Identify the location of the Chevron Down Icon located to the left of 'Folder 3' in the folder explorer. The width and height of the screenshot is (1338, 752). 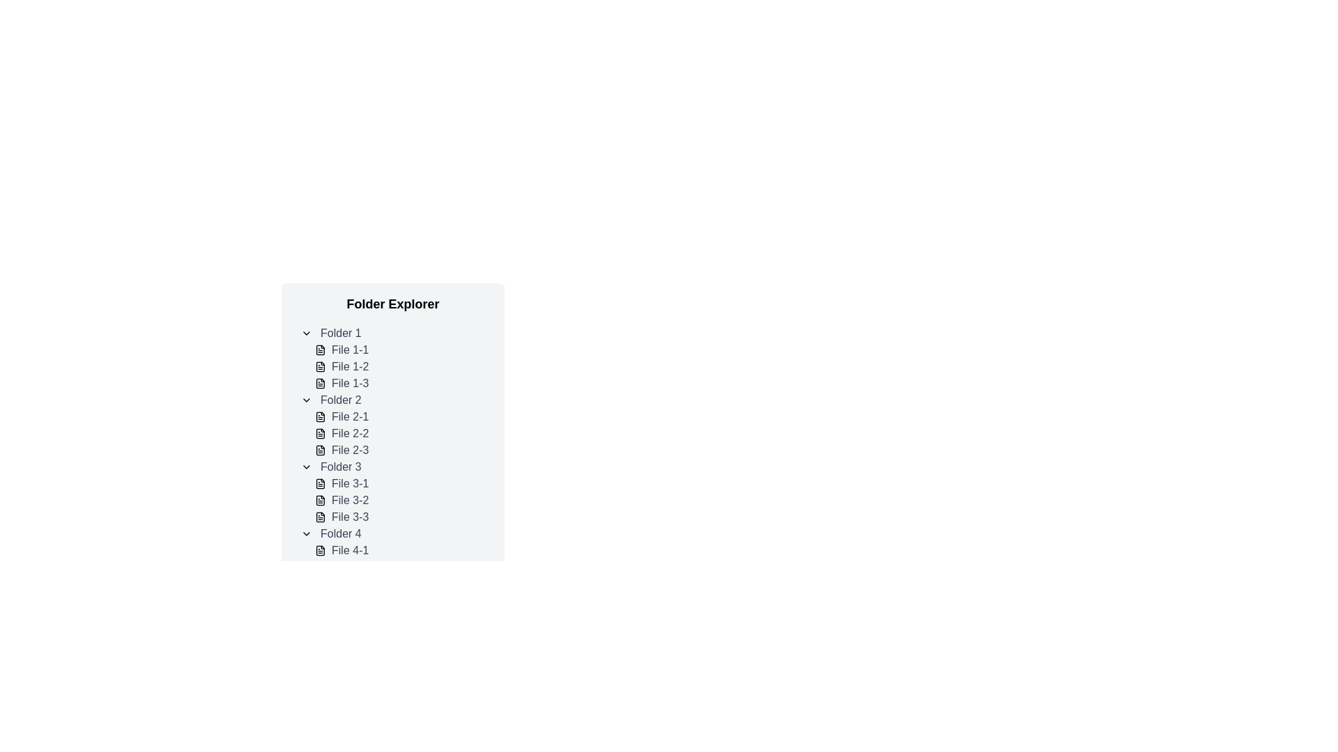
(306, 467).